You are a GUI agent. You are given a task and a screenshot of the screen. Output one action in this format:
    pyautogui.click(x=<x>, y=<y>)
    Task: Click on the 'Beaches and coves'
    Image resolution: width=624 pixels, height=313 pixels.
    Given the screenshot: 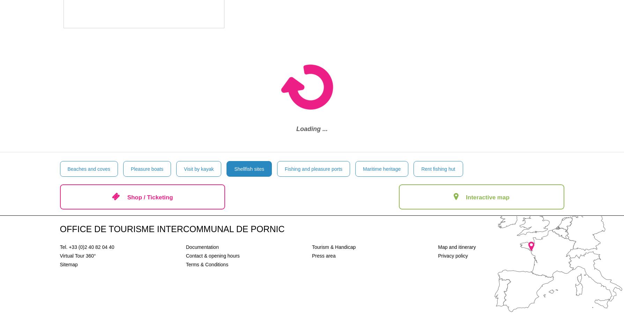 What is the action you would take?
    pyautogui.click(x=88, y=168)
    